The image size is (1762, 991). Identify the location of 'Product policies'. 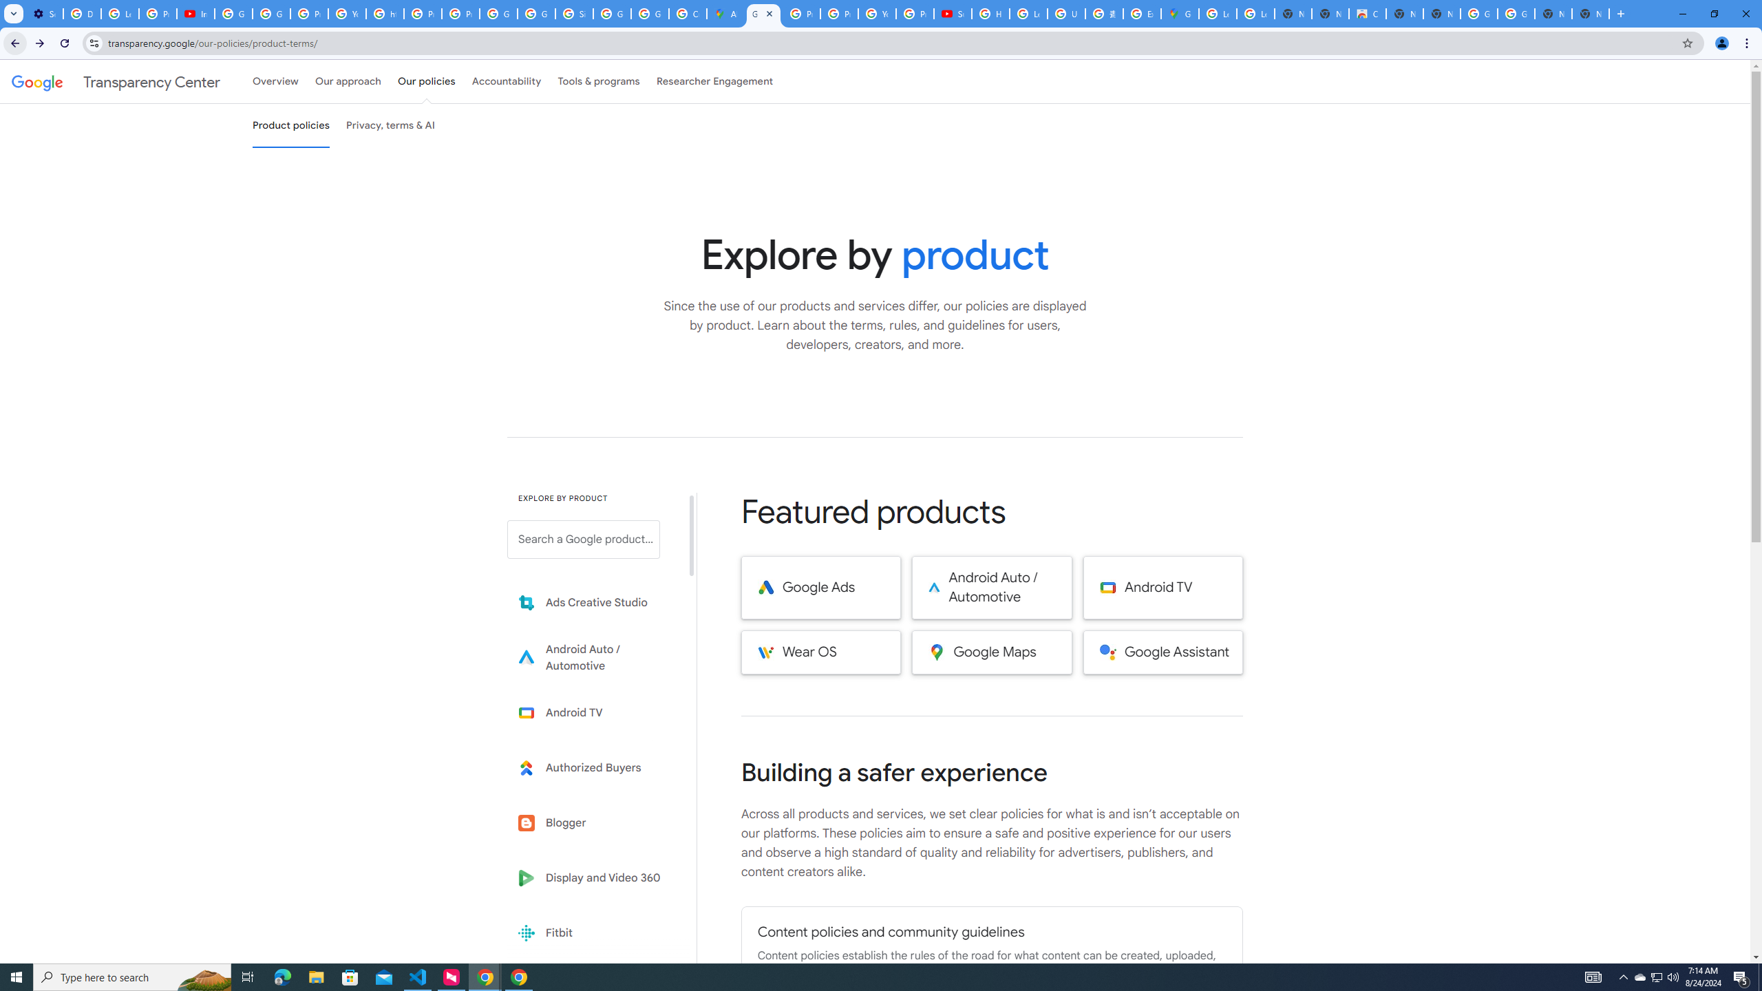
(290, 125).